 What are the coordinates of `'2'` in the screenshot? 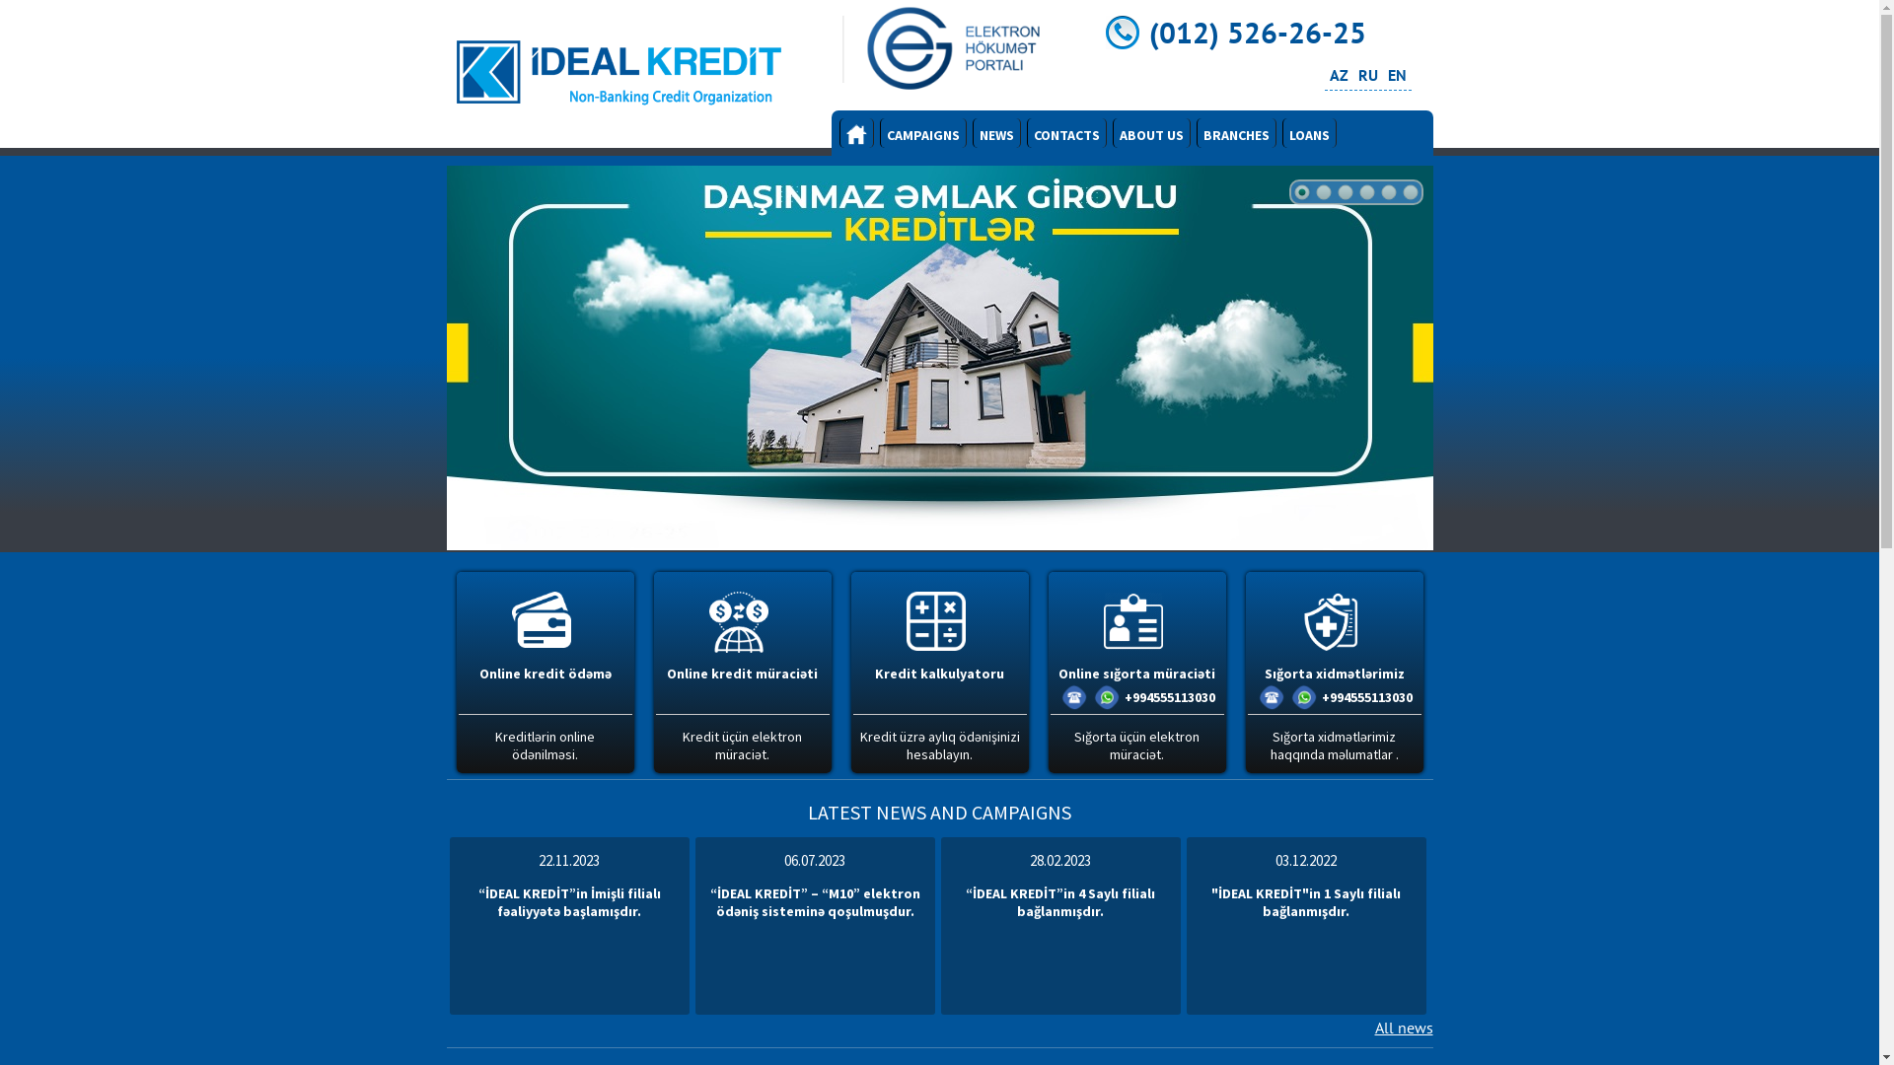 It's located at (1322, 192).